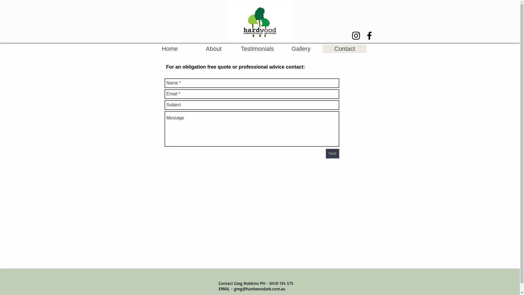 This screenshot has width=524, height=295. What do you see at coordinates (148, 48) in the screenshot?
I see `'Home'` at bounding box center [148, 48].